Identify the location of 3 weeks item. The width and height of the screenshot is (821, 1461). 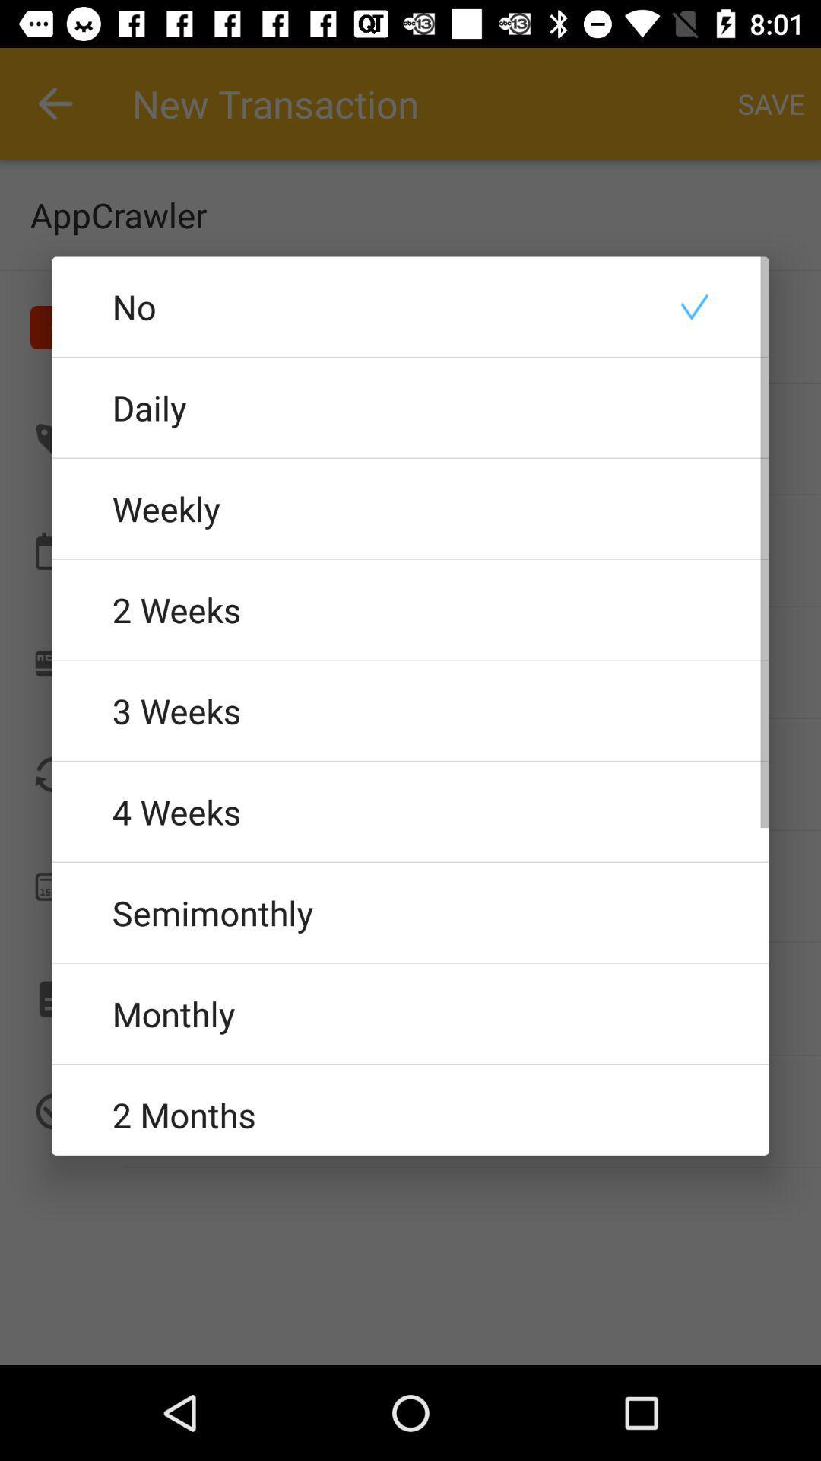
(410, 710).